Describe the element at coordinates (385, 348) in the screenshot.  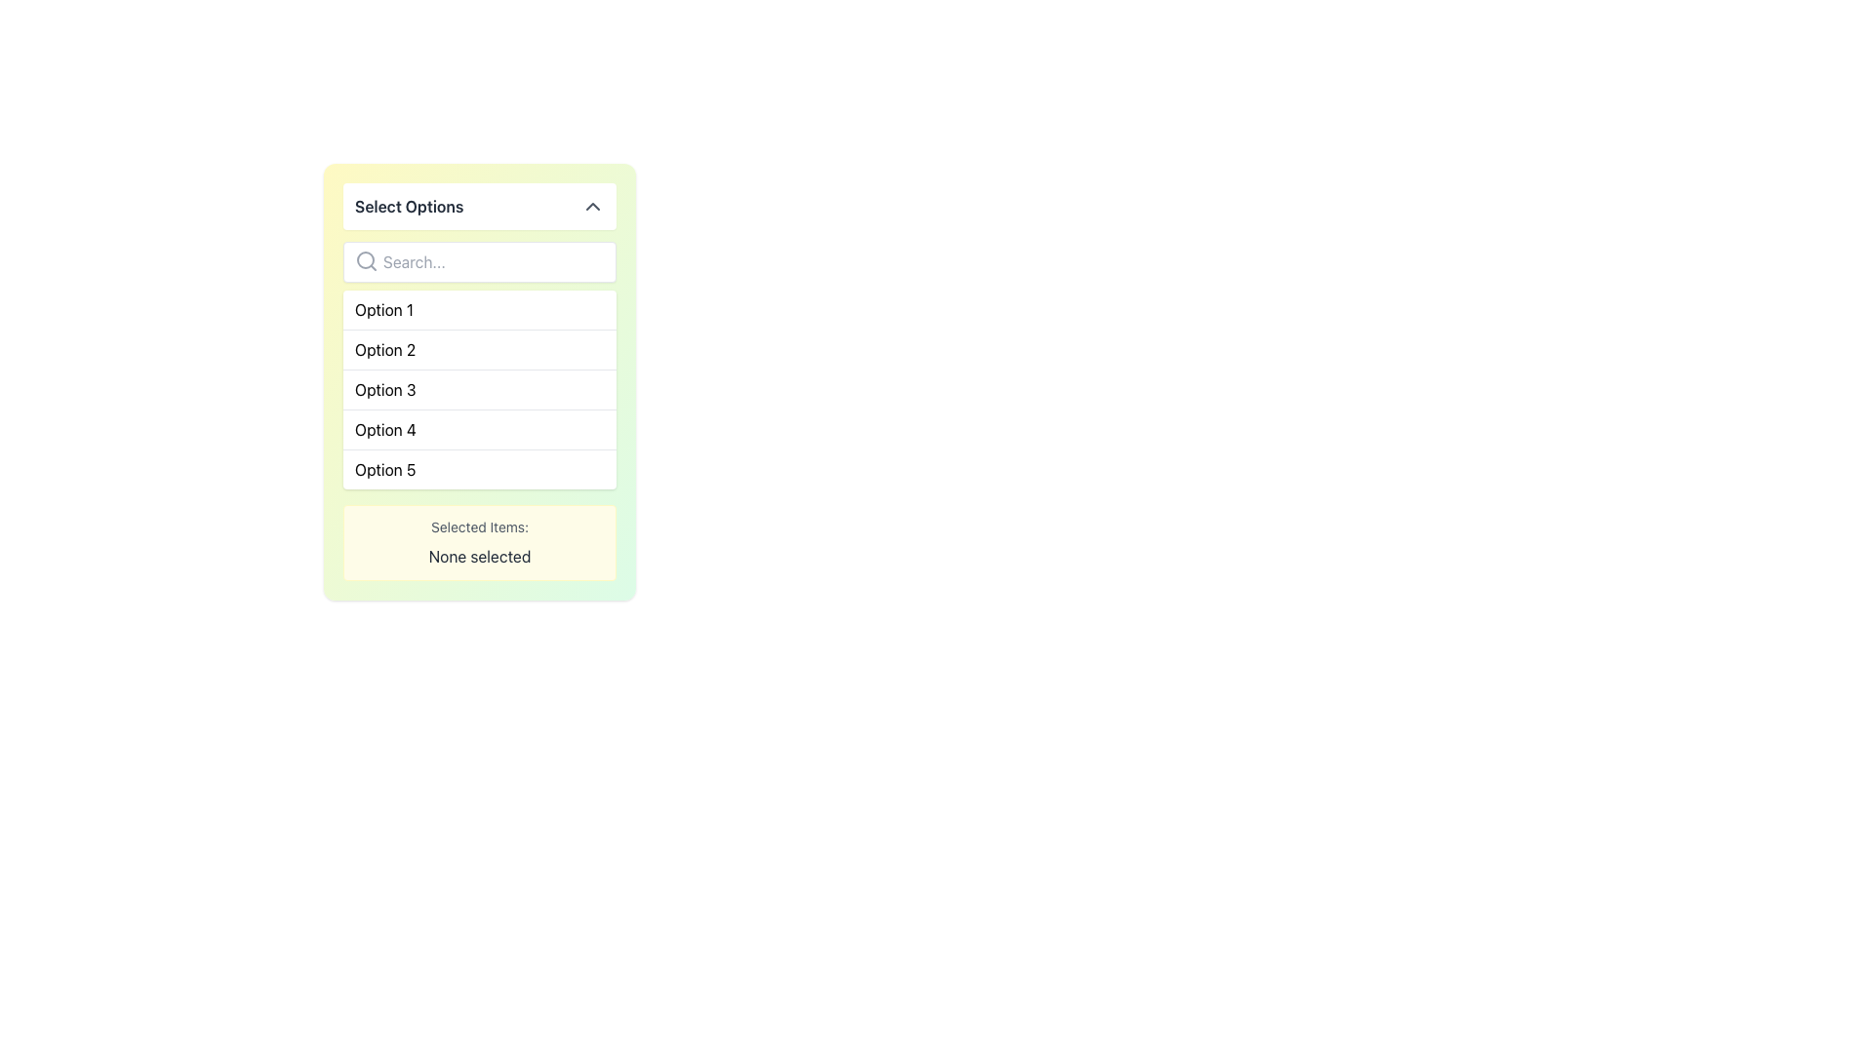
I see `the text label displaying 'Option 2' in the dropdown list` at that location.